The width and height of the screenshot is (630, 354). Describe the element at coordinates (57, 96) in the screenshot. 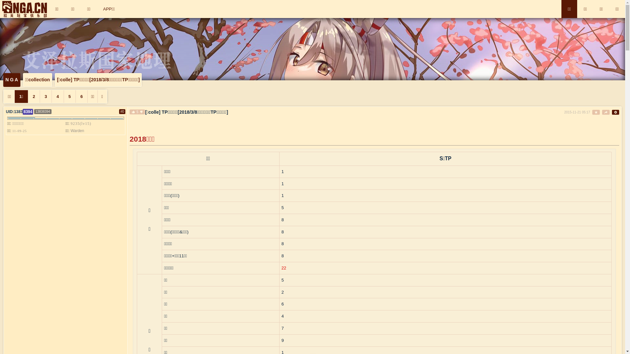

I see `' 4 '` at that location.